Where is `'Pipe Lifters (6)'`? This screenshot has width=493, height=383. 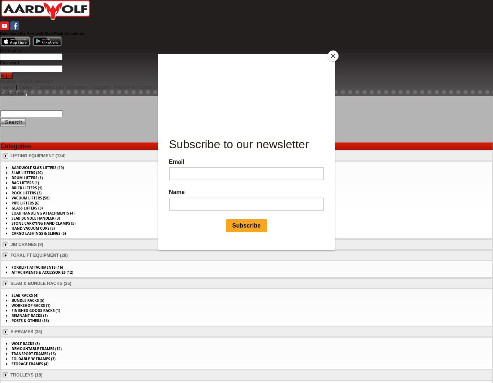
'Pipe Lifters (6)' is located at coordinates (11, 203).